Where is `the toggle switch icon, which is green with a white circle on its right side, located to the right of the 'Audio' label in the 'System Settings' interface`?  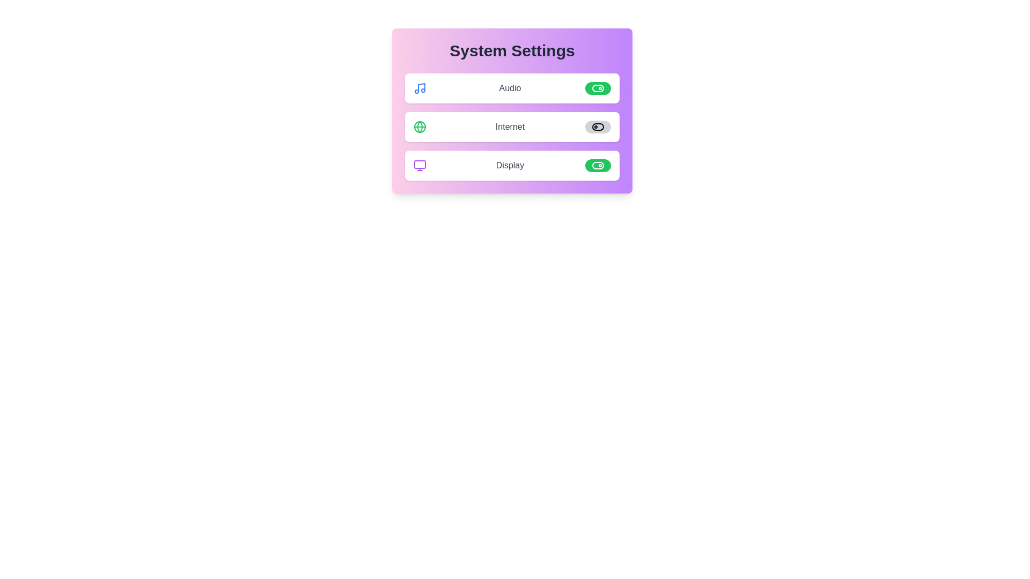
the toggle switch icon, which is green with a white circle on its right side, located to the right of the 'Audio' label in the 'System Settings' interface is located at coordinates (597, 88).